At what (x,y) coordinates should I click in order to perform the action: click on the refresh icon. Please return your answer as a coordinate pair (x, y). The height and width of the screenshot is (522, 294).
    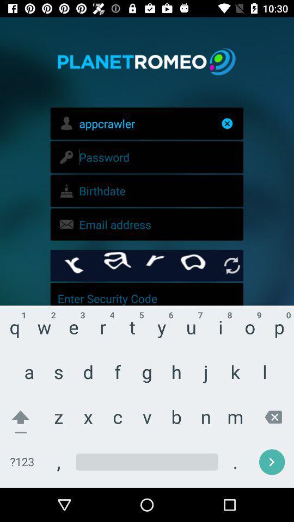
    Looking at the image, I should click on (231, 265).